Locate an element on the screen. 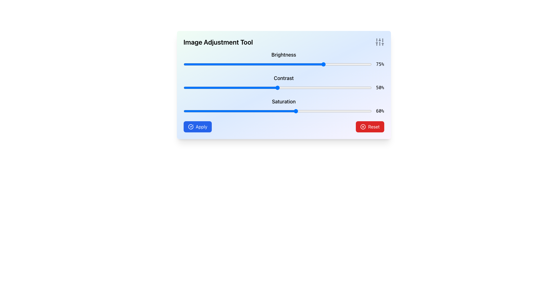 This screenshot has height=301, width=535. the slider value is located at coordinates (253, 111).